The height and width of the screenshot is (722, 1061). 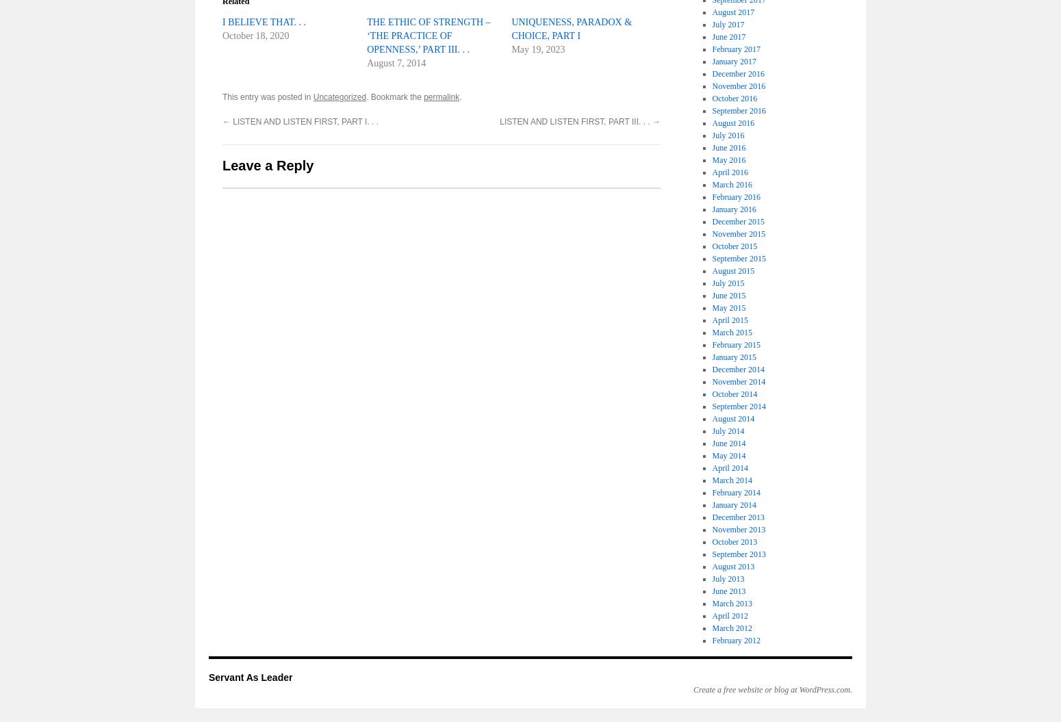 I want to click on 'August 2016', so click(x=733, y=122).